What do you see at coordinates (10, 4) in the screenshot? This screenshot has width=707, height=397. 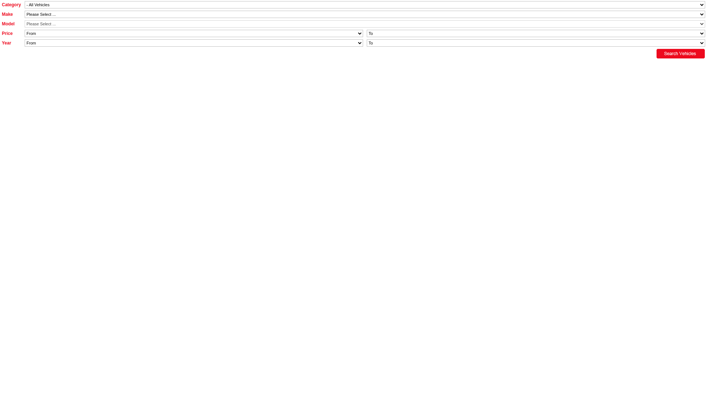 I see `'Search'` at bounding box center [10, 4].